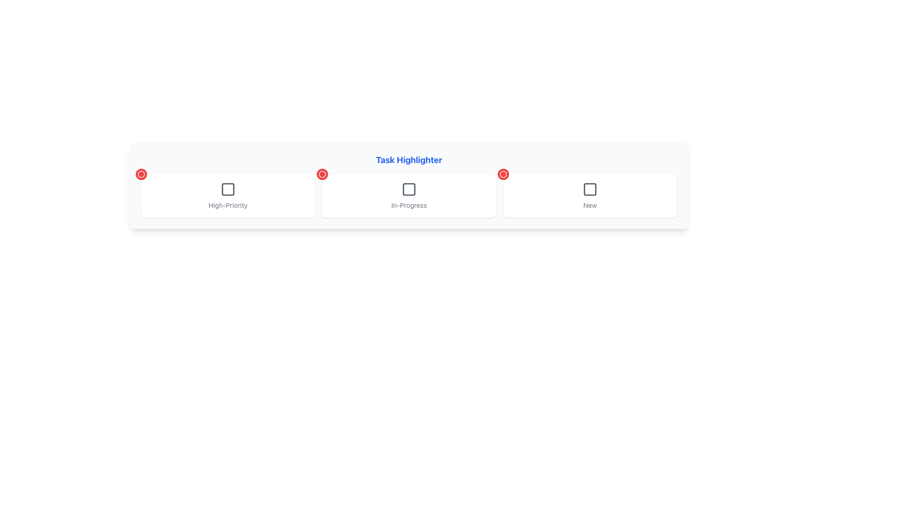 This screenshot has height=509, width=905. Describe the element at coordinates (228, 189) in the screenshot. I see `the 'High-Priority' state indicator icon located in the first card of a three-card layout, which is centered within the card` at that location.